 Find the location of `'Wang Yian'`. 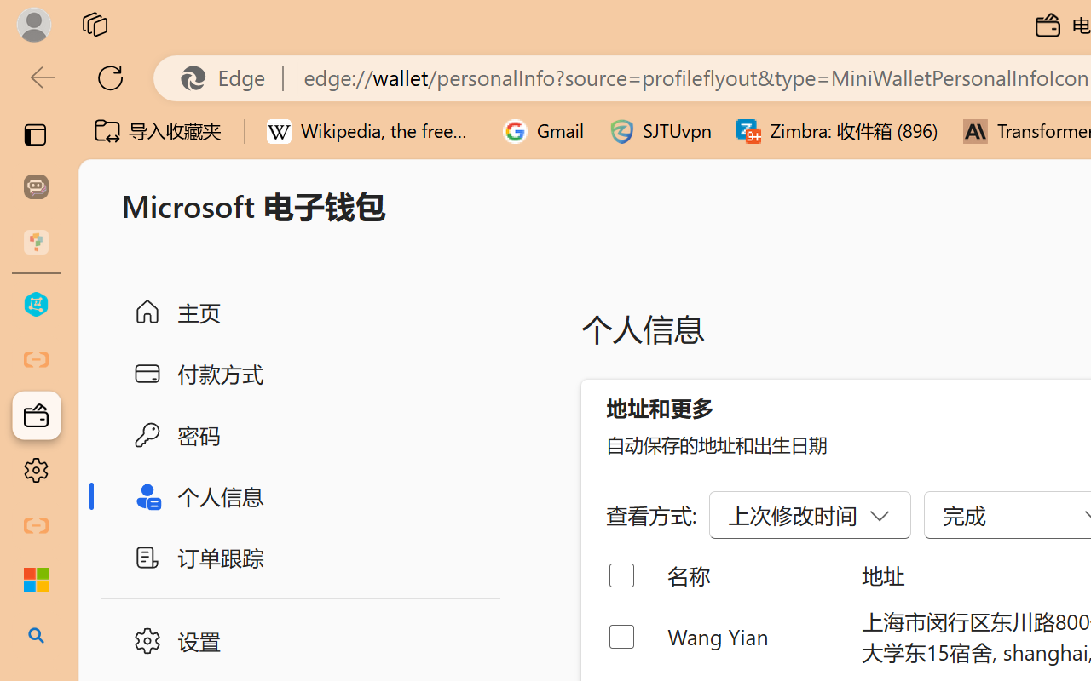

'Wang Yian' is located at coordinates (750, 636).